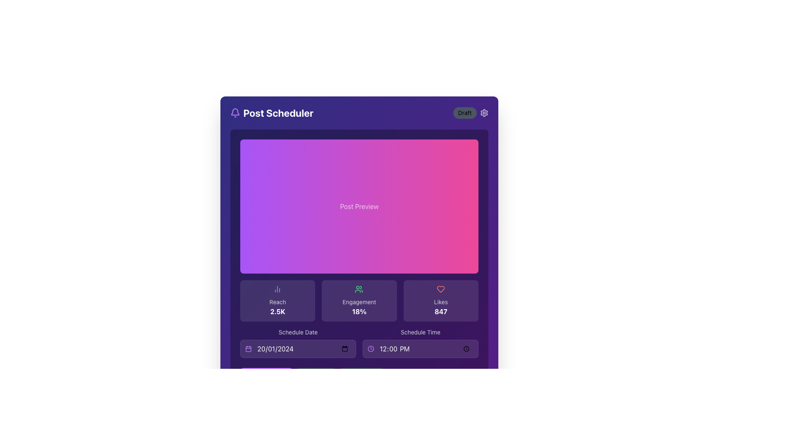 This screenshot has width=794, height=447. What do you see at coordinates (234, 113) in the screenshot?
I see `the notification bell icon, which is a purple bell-shaped icon located to the left of the 'Post Scheduler' title` at bounding box center [234, 113].